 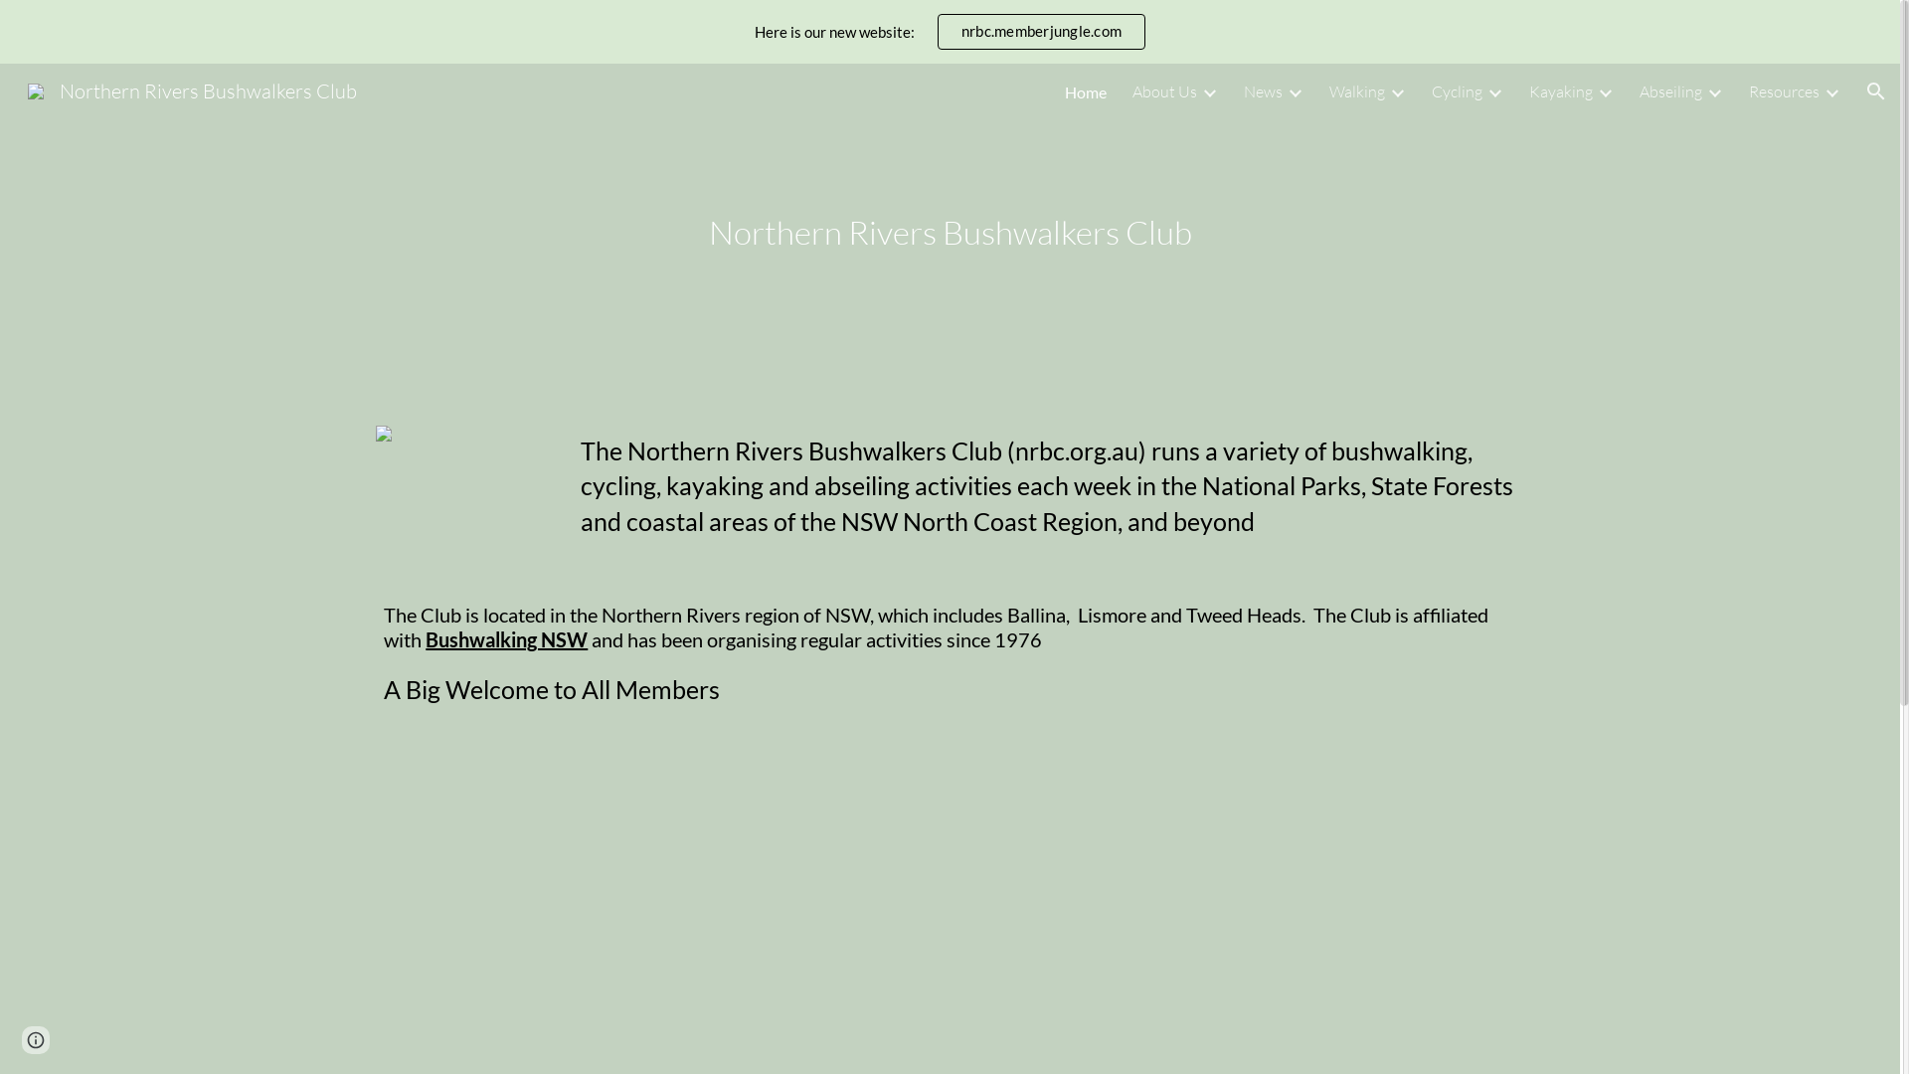 What do you see at coordinates (1457, 91) in the screenshot?
I see `'Cycling'` at bounding box center [1457, 91].